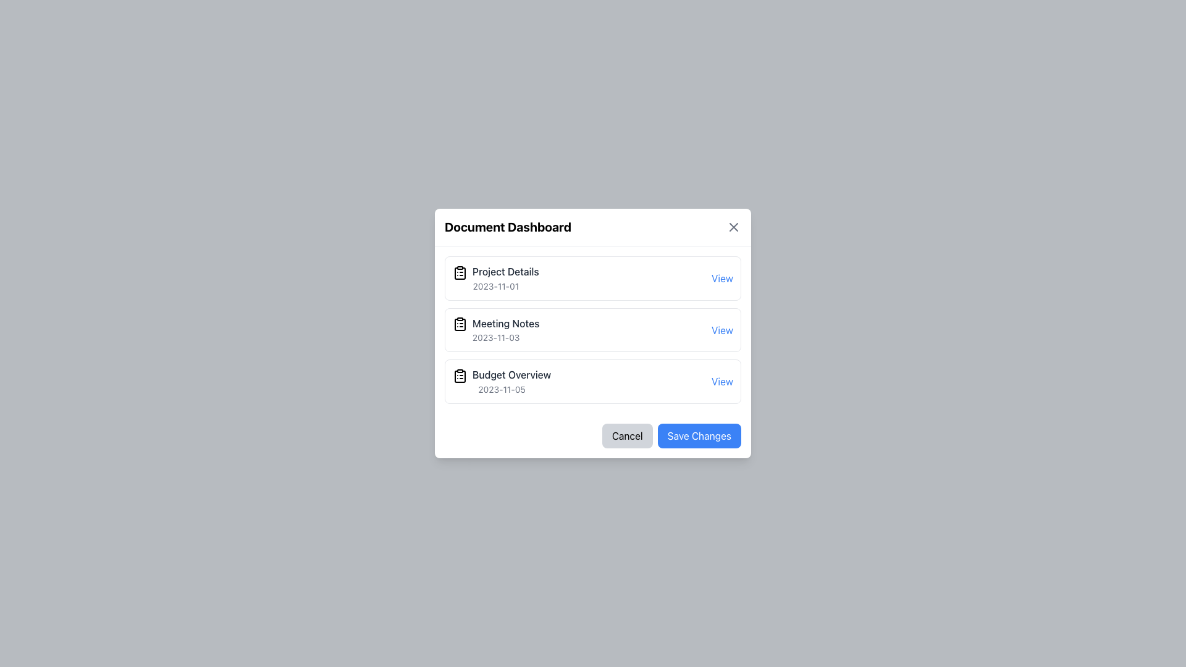  Describe the element at coordinates (511, 374) in the screenshot. I see `the text label reading 'Budget Overview' located in the 'Document Dashboard' dialog window, positioned as the third item in the list` at that location.